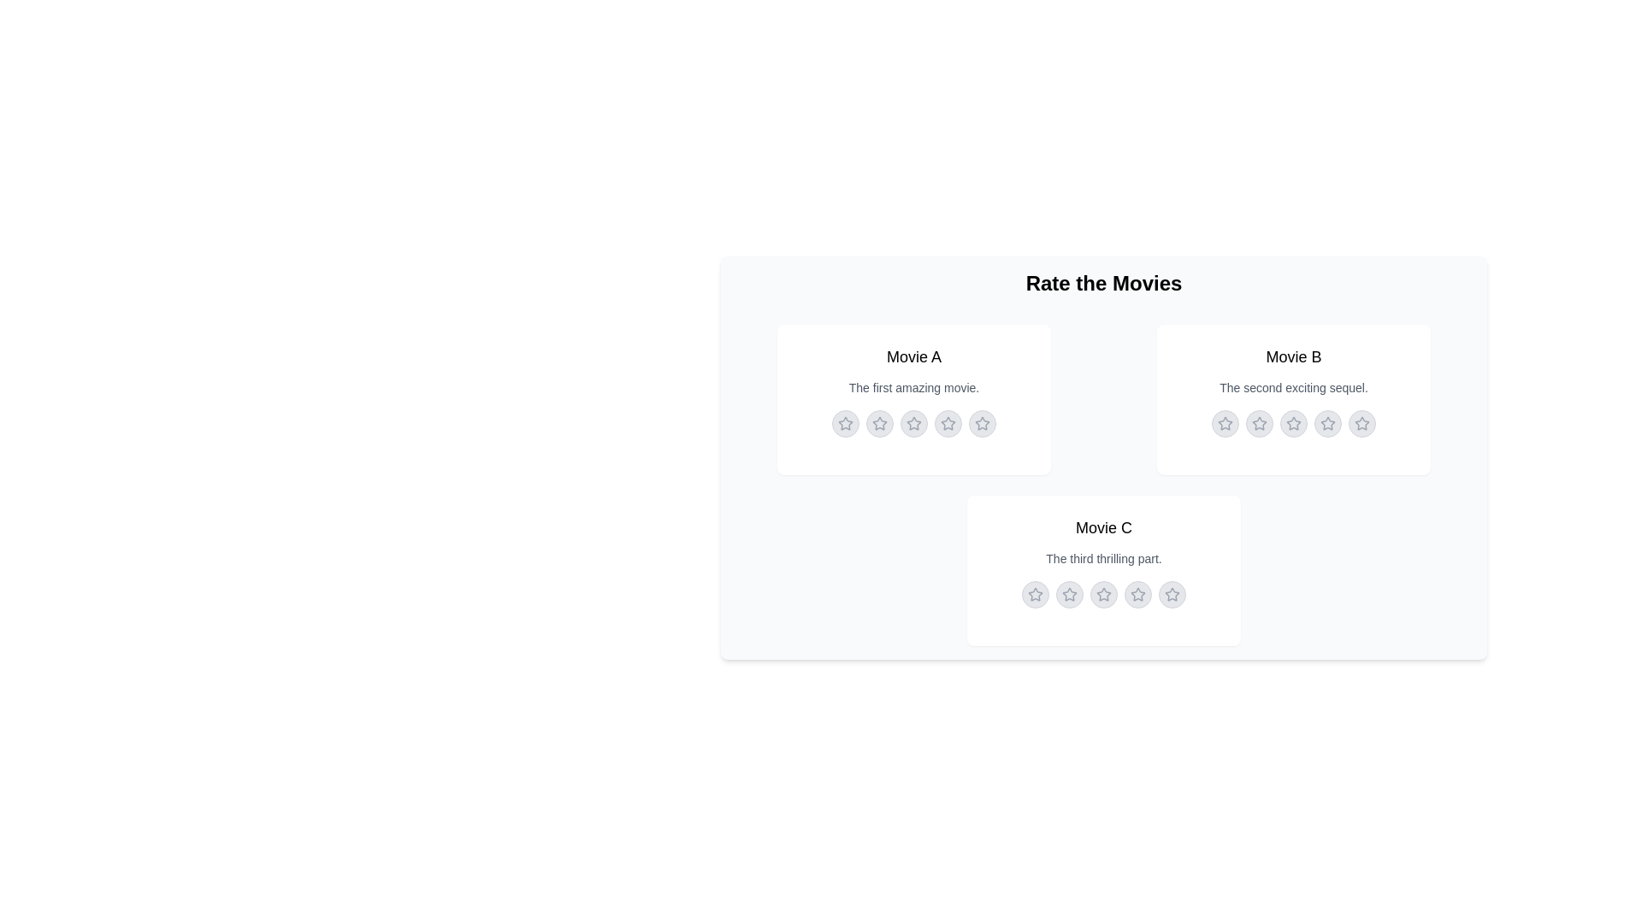 The height and width of the screenshot is (923, 1642). I want to click on the fifth rating star icon for 'Movie A', so click(982, 423).